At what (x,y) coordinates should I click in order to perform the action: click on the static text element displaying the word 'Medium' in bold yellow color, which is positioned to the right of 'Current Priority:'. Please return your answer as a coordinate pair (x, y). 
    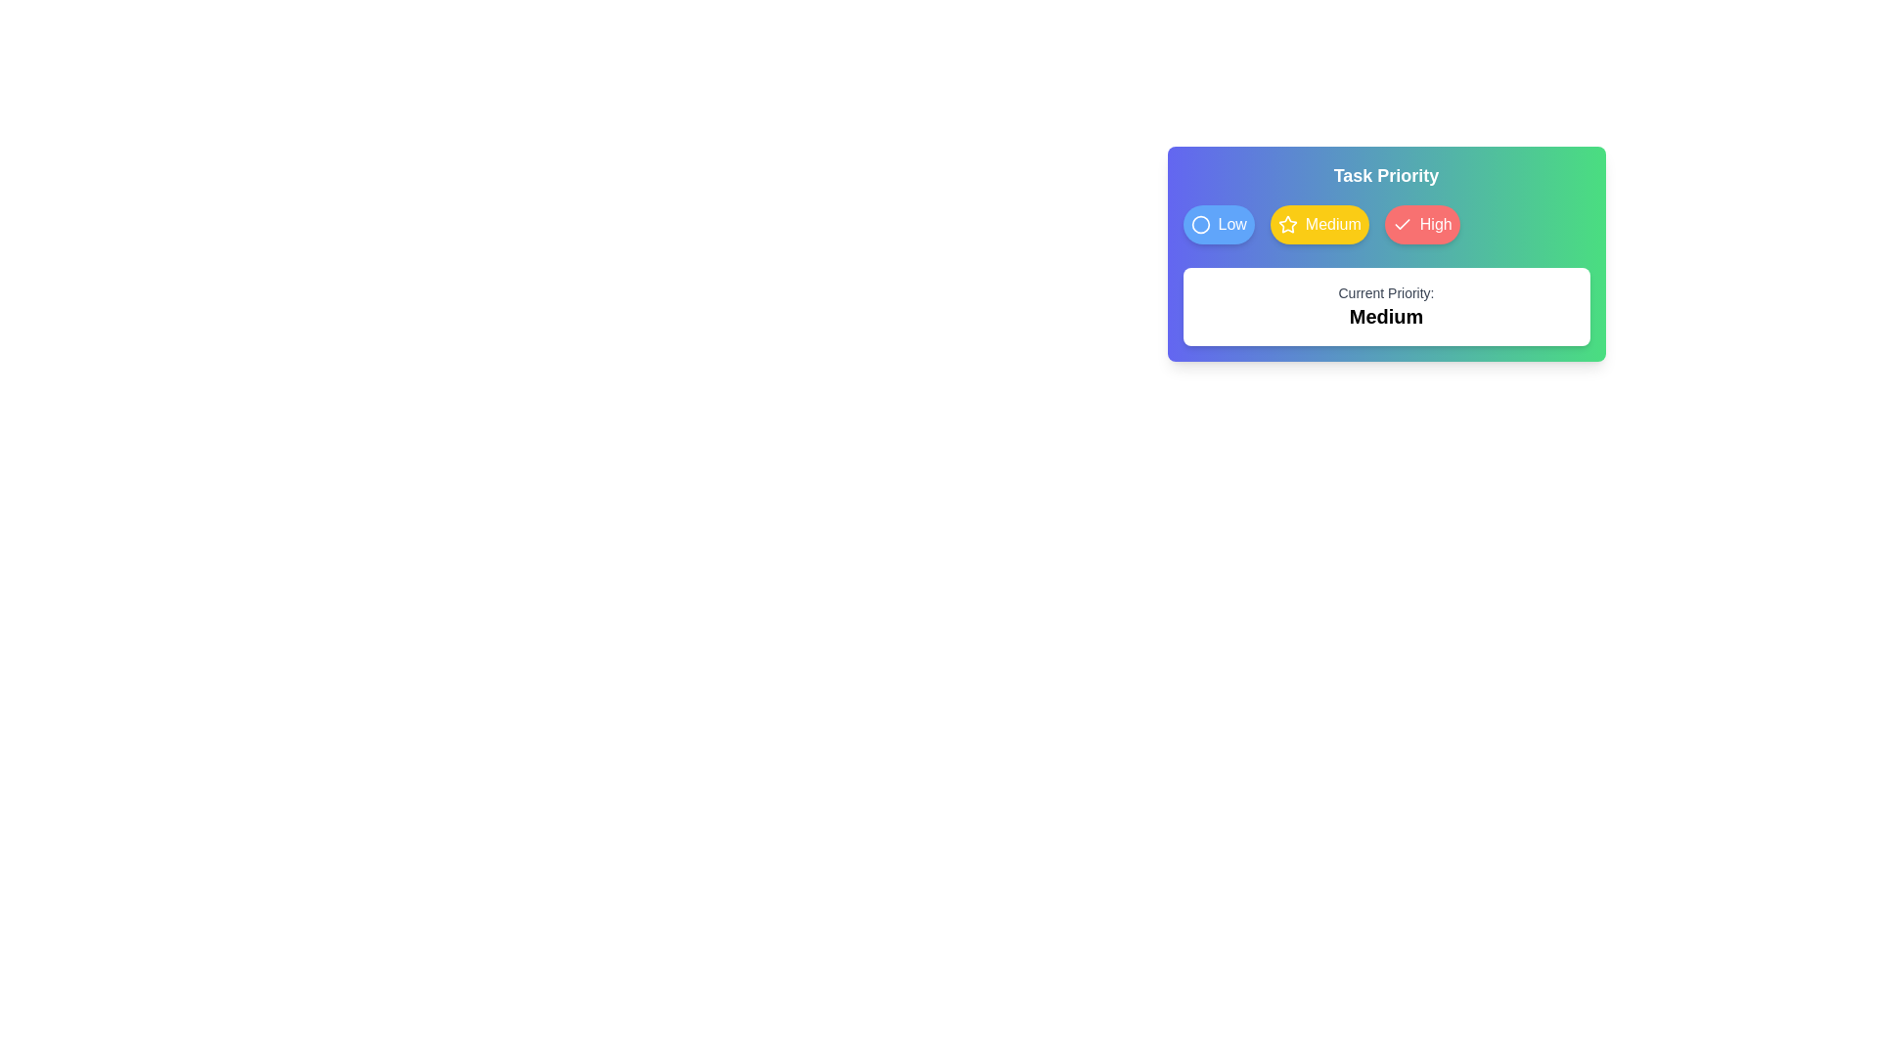
    Looking at the image, I should click on (1385, 316).